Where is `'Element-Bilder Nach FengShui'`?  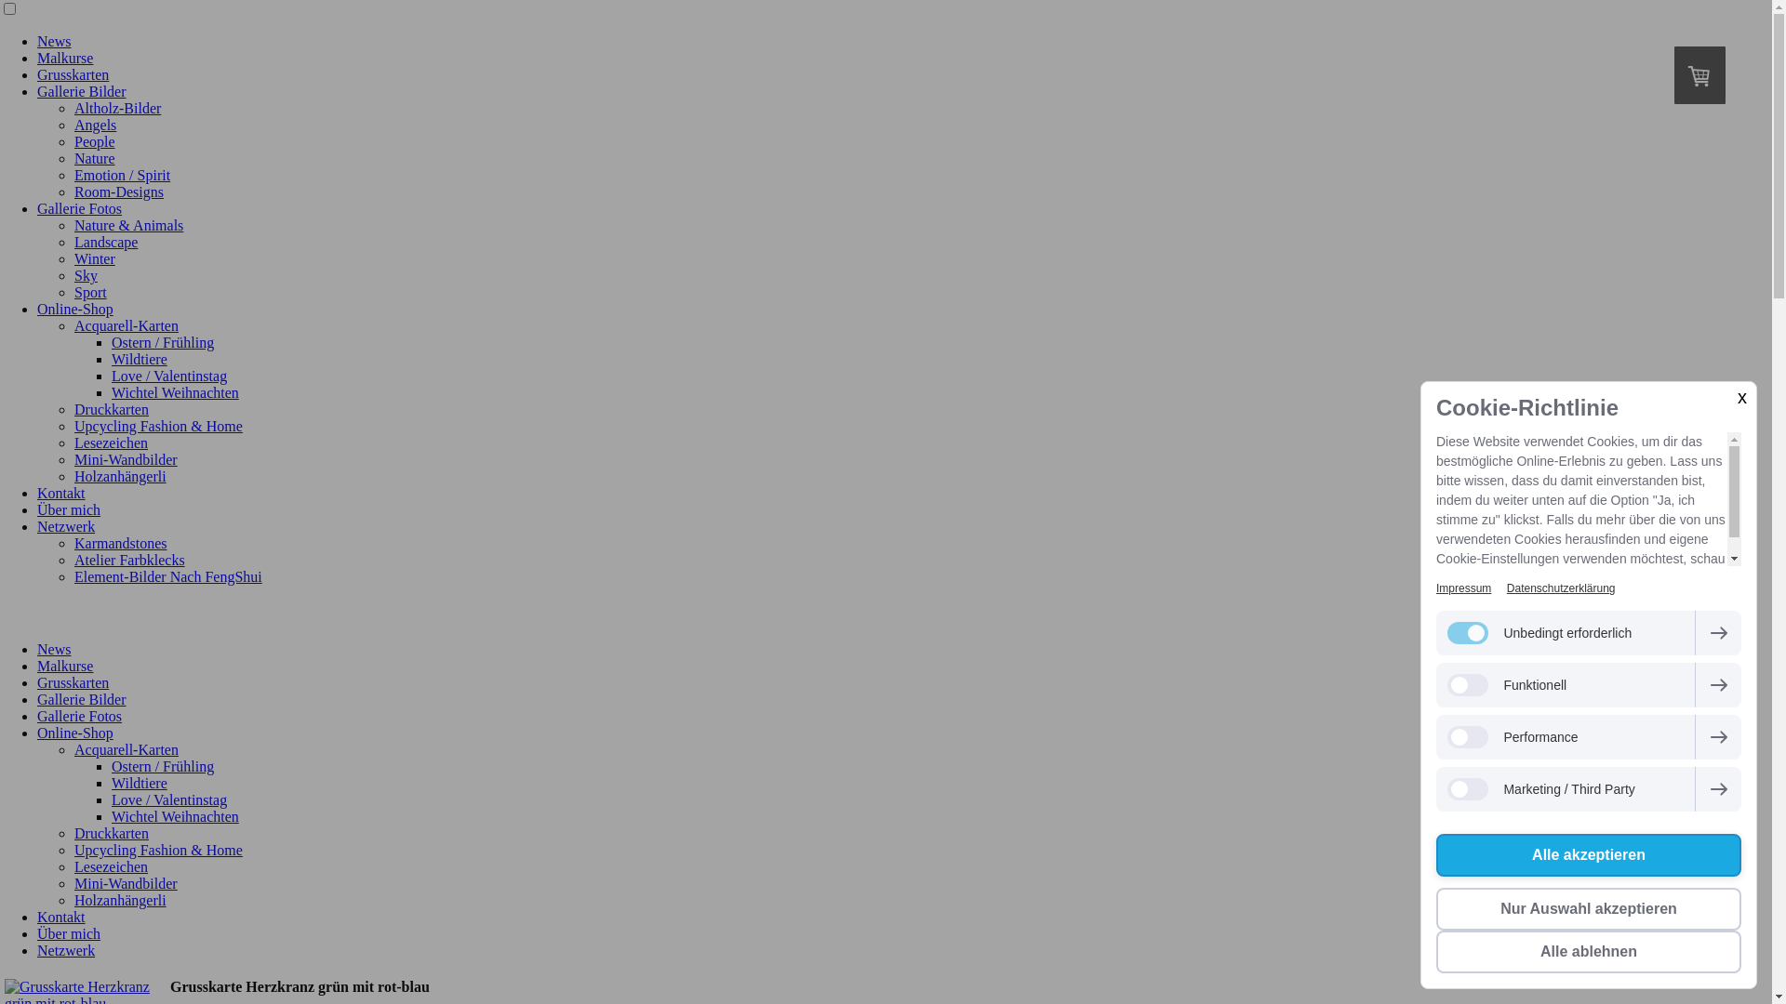
'Element-Bilder Nach FengShui' is located at coordinates (74, 575).